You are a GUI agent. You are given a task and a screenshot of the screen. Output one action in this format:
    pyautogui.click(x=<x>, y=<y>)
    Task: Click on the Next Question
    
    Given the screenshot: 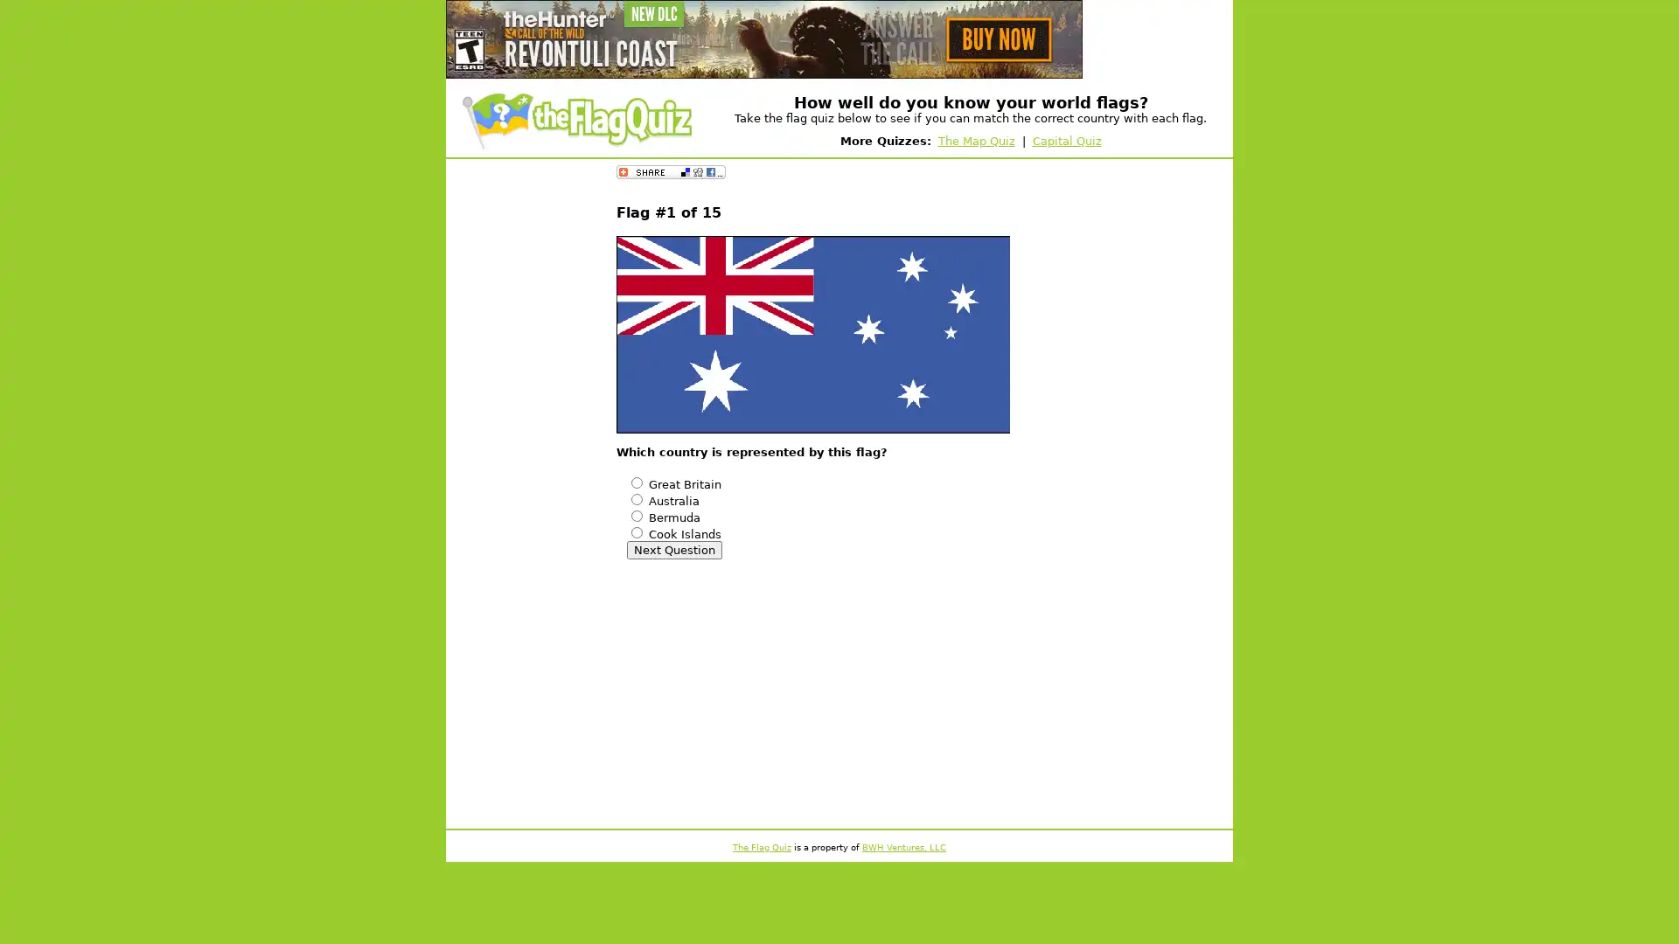 What is the action you would take?
    pyautogui.click(x=673, y=549)
    